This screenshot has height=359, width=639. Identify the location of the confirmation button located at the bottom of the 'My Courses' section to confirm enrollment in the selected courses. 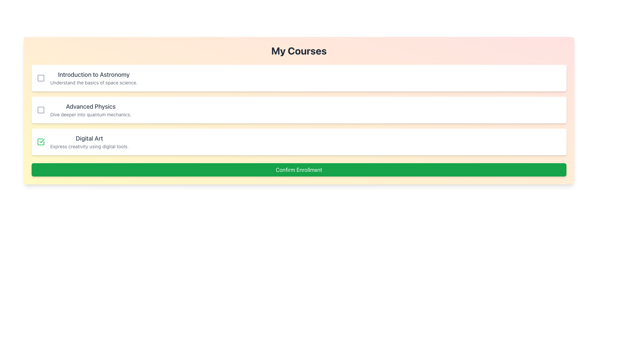
(299, 169).